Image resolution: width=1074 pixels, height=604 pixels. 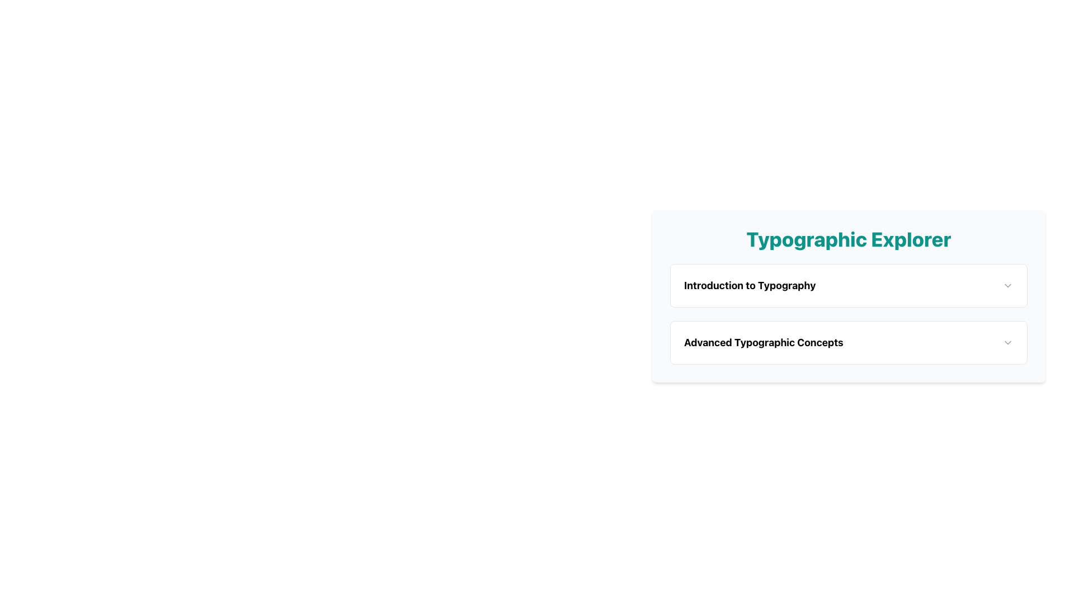 I want to click on the collapsible section heading for 'Advanced Typographic Concepts' to enhance accessibility, so click(x=849, y=342).